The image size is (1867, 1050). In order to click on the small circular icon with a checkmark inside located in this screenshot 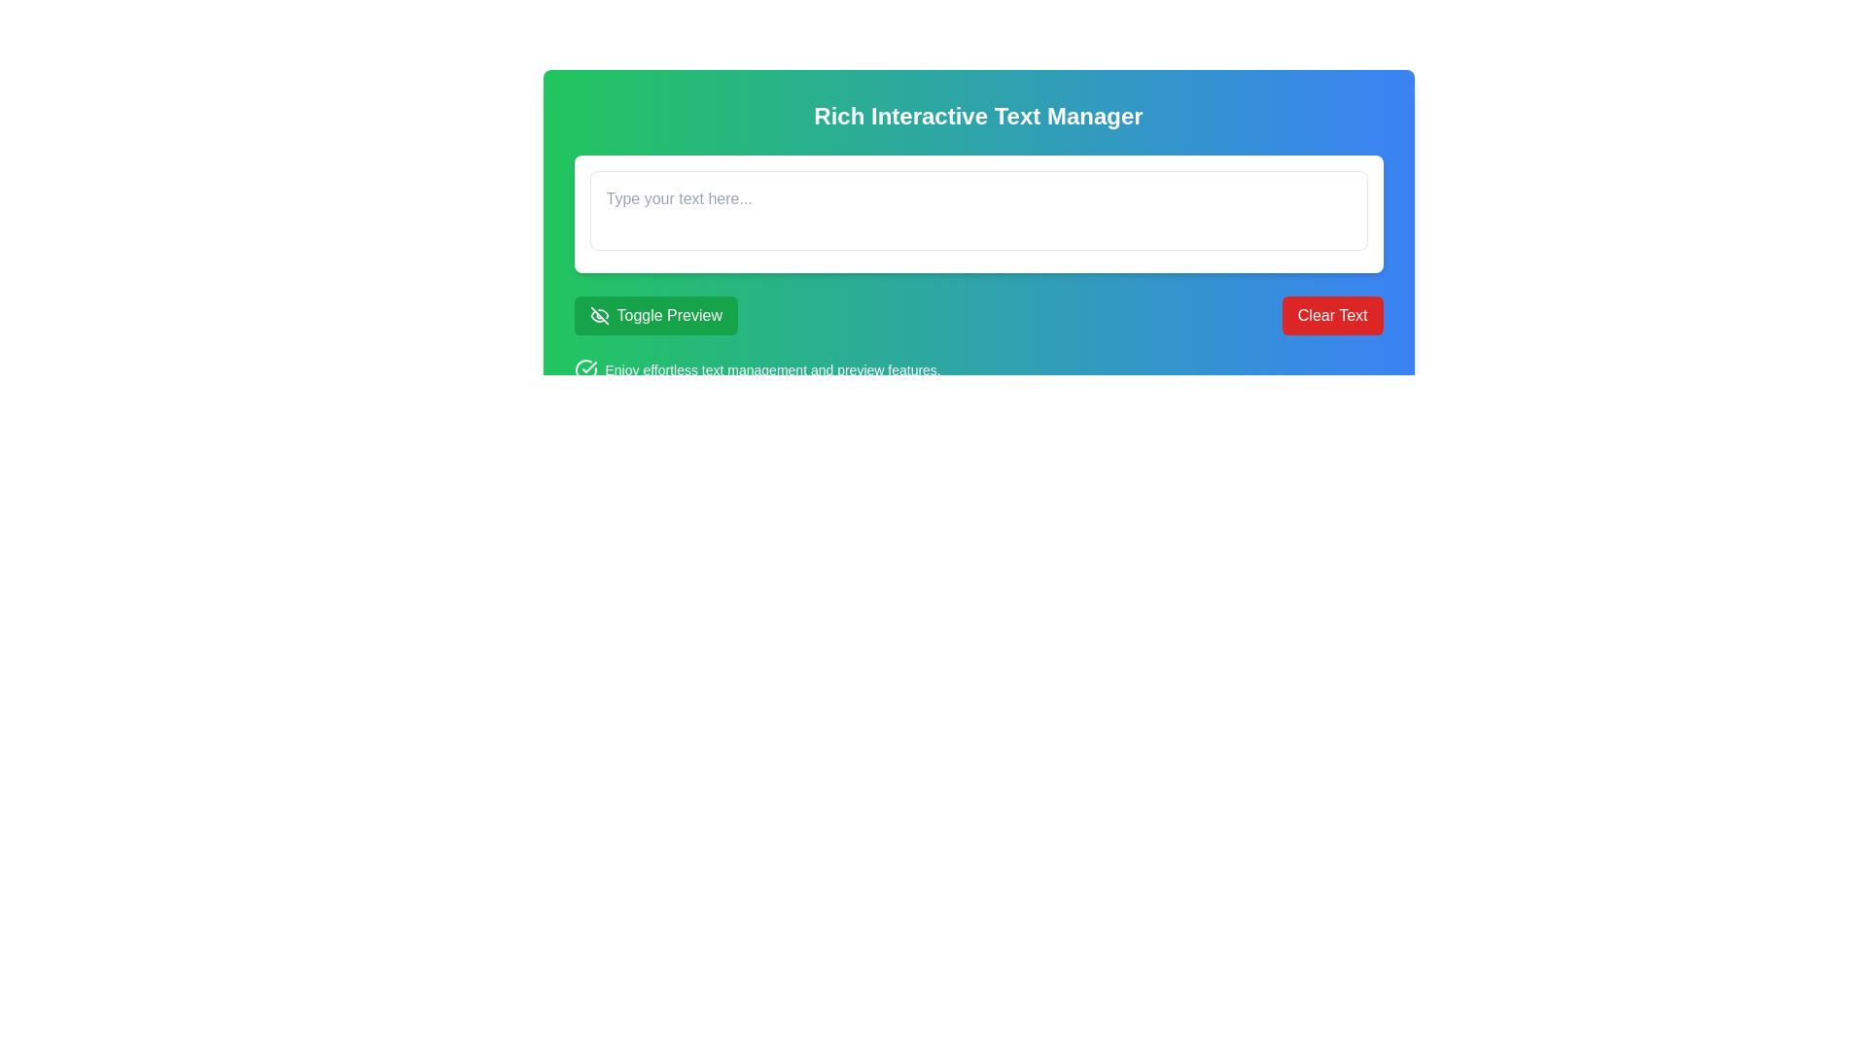, I will do `click(584, 370)`.